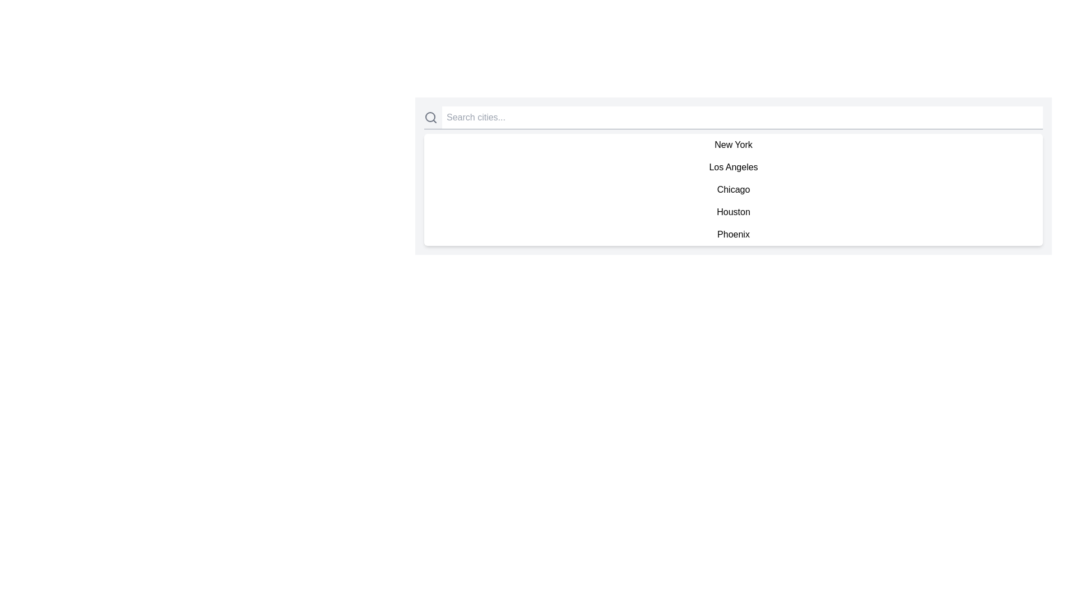  I want to click on the text label displaying 'Los Angeles', so click(734, 167).